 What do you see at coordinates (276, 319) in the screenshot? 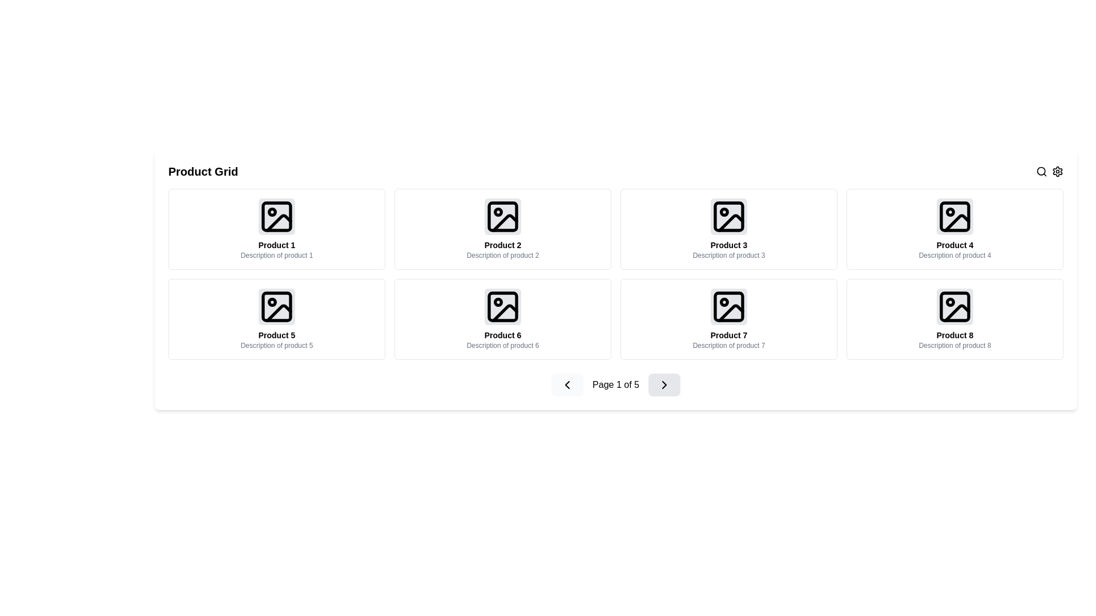
I see `the grid item representing a product, located in the first column of the second row` at bounding box center [276, 319].